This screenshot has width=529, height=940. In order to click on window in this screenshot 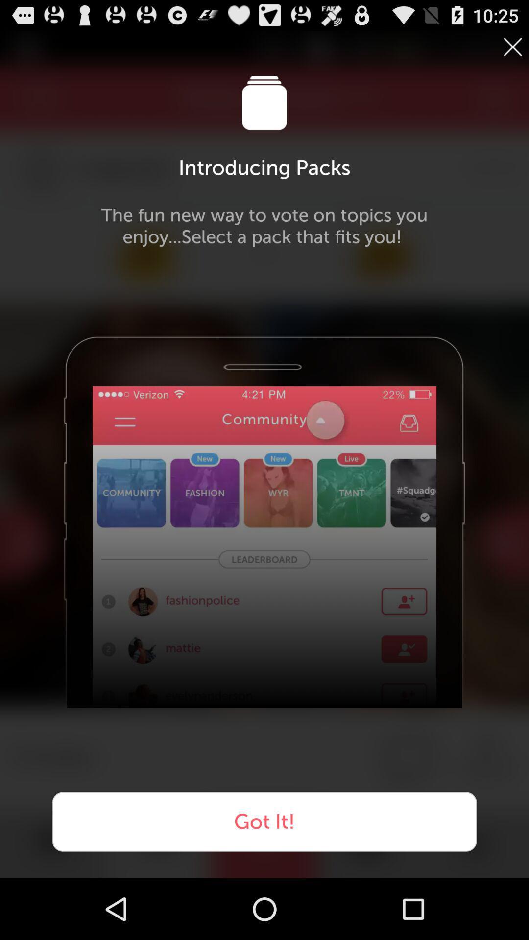, I will do `click(512, 47)`.